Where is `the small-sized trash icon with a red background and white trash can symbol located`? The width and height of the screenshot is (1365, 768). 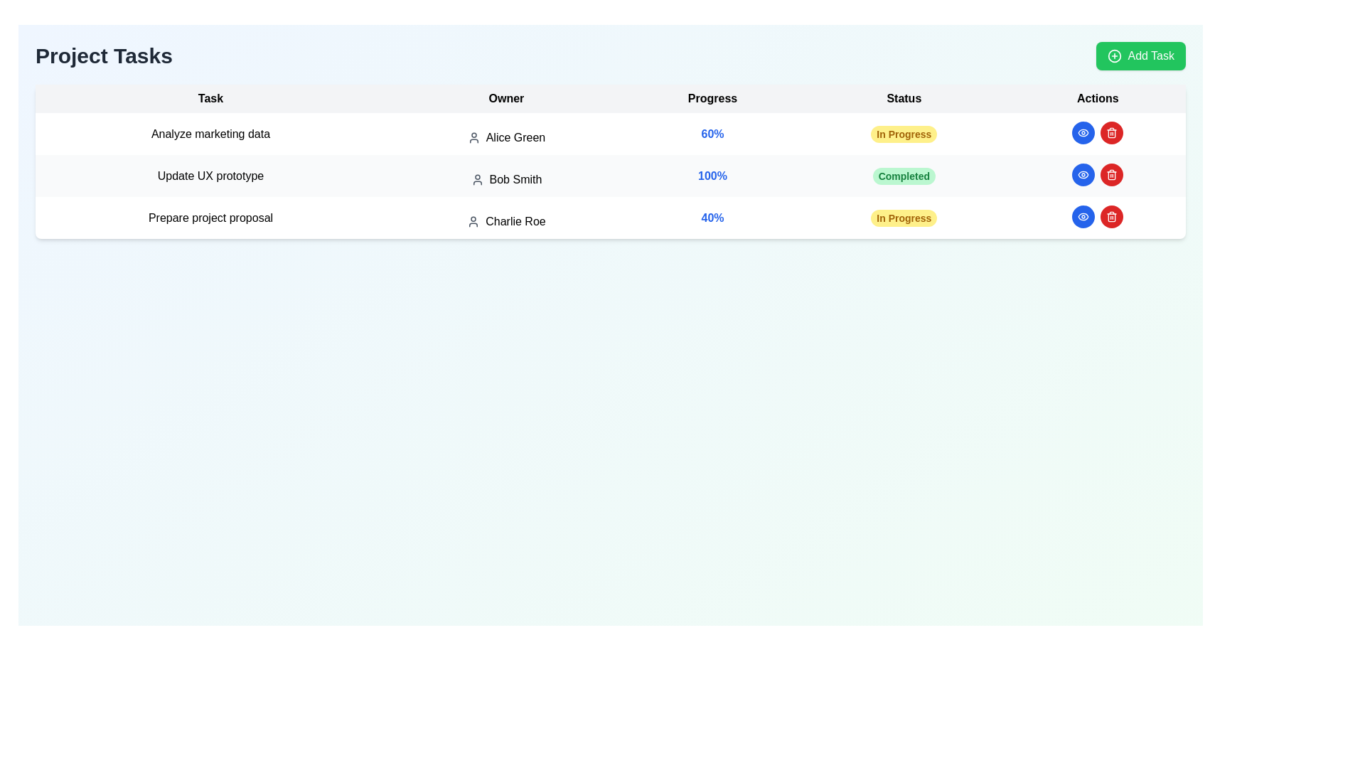 the small-sized trash icon with a red background and white trash can symbol located is located at coordinates (1111, 216).